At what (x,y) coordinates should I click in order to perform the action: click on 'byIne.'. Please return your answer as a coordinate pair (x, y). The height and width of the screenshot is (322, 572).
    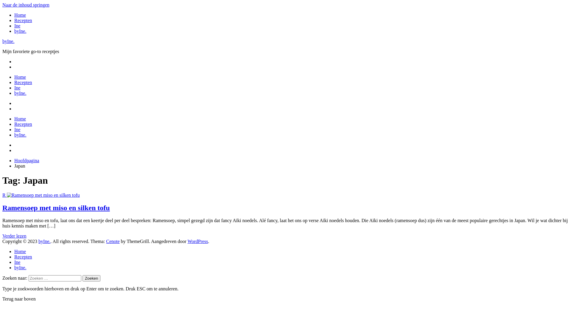
    Looking at the image, I should click on (8, 41).